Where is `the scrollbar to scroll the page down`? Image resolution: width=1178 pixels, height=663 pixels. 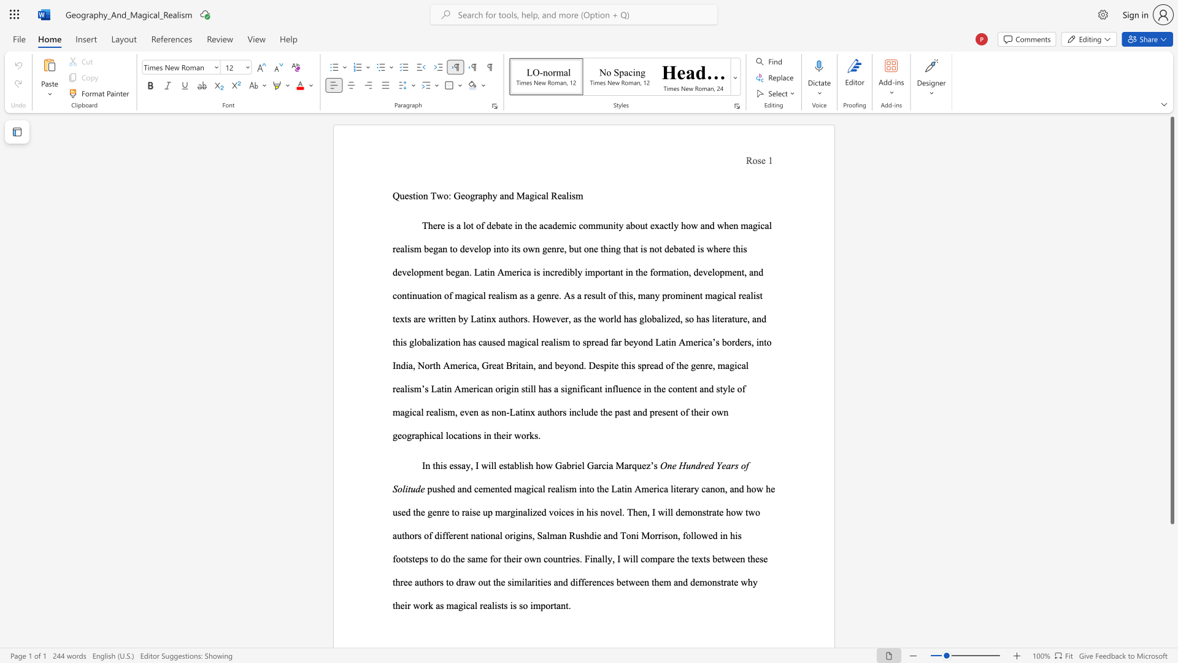 the scrollbar to scroll the page down is located at coordinates (1171, 577).